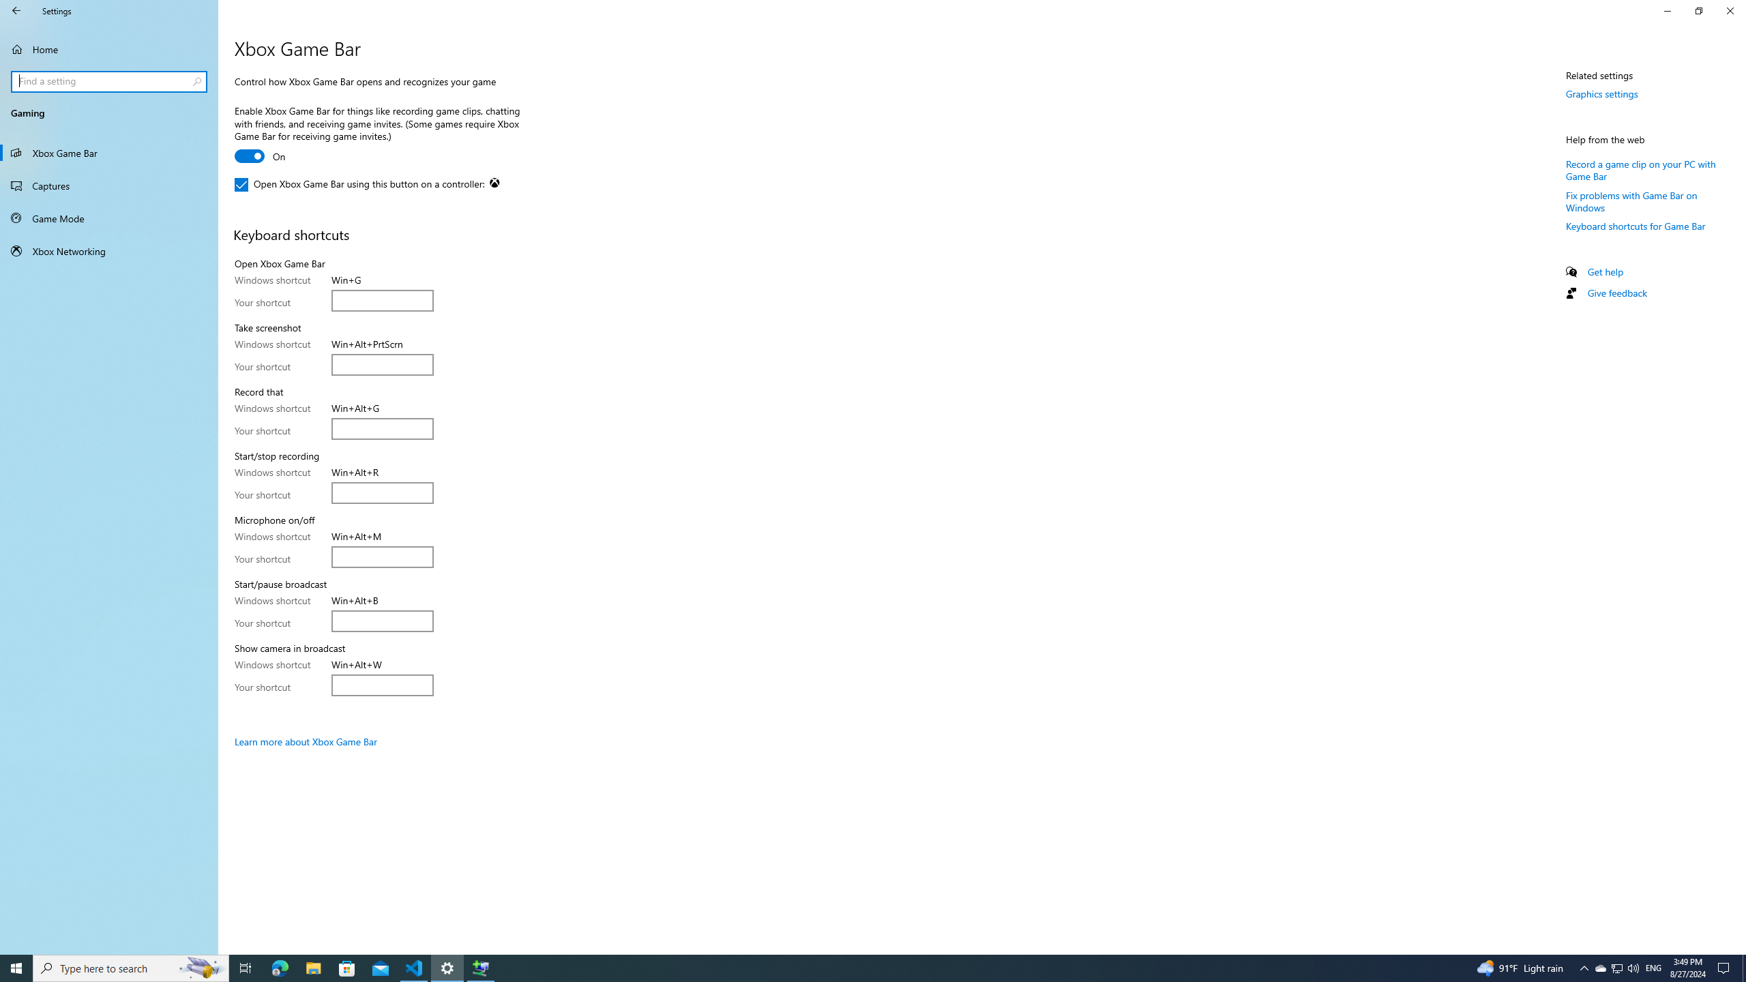  I want to click on 'Give feedback', so click(1616, 292).